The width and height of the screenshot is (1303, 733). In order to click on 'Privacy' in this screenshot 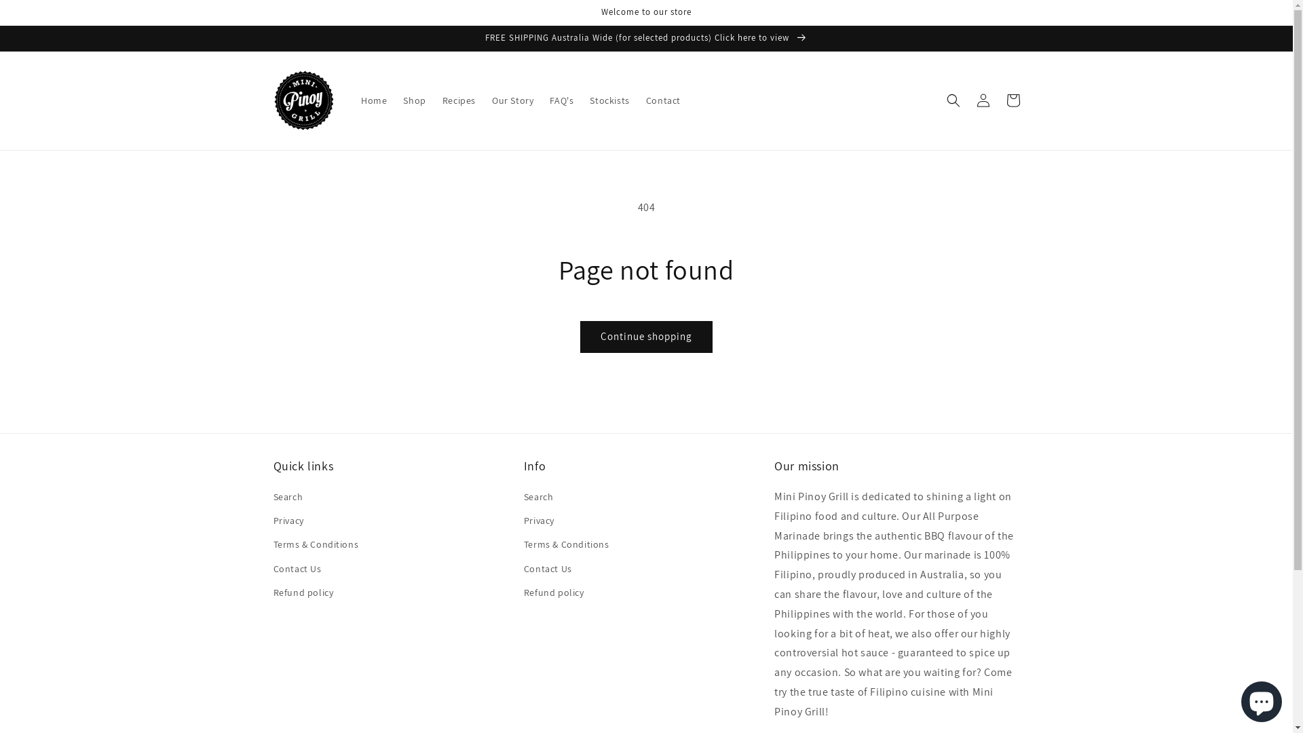, I will do `click(287, 520)`.